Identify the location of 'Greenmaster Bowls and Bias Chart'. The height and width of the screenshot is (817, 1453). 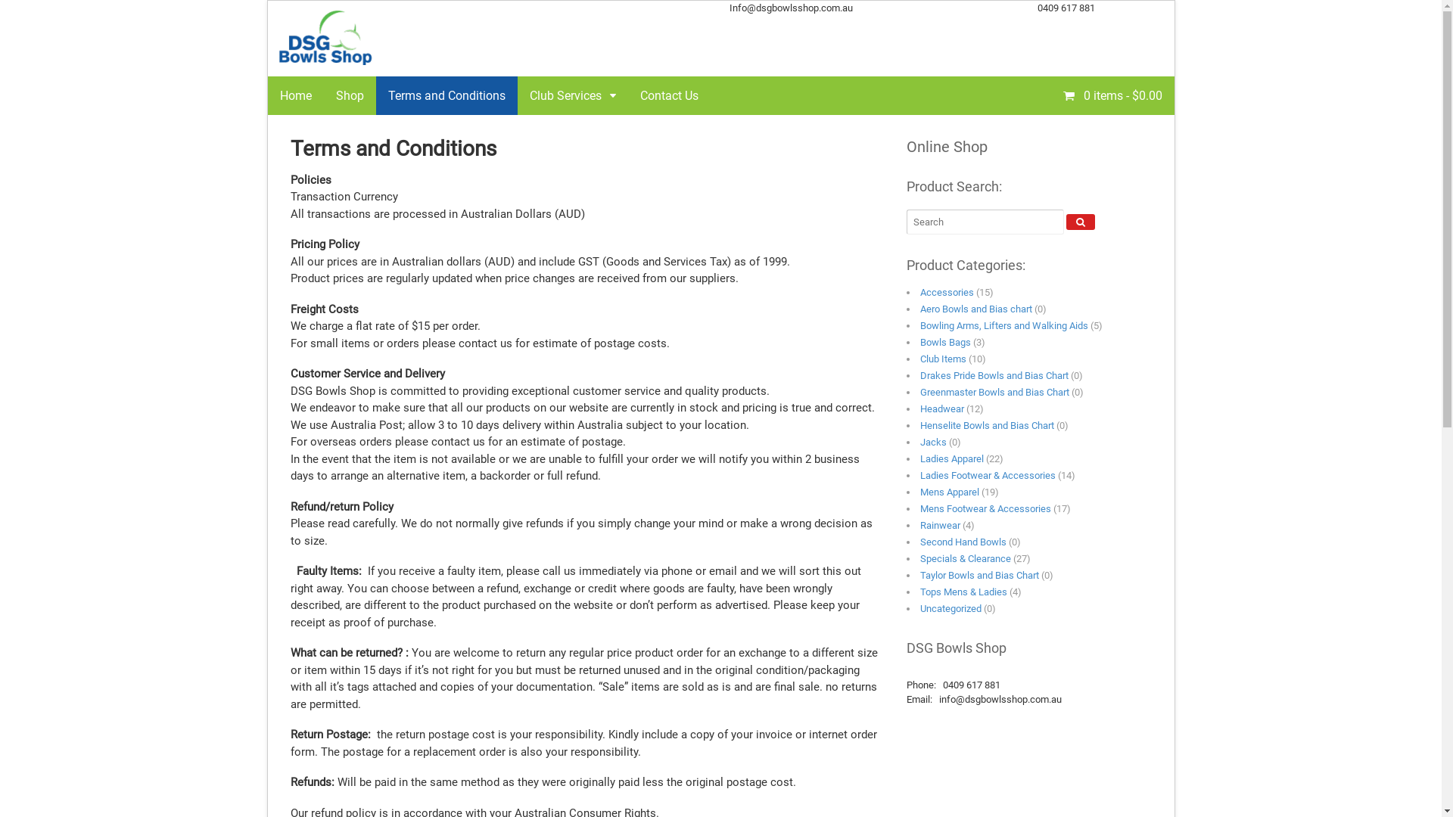
(994, 391).